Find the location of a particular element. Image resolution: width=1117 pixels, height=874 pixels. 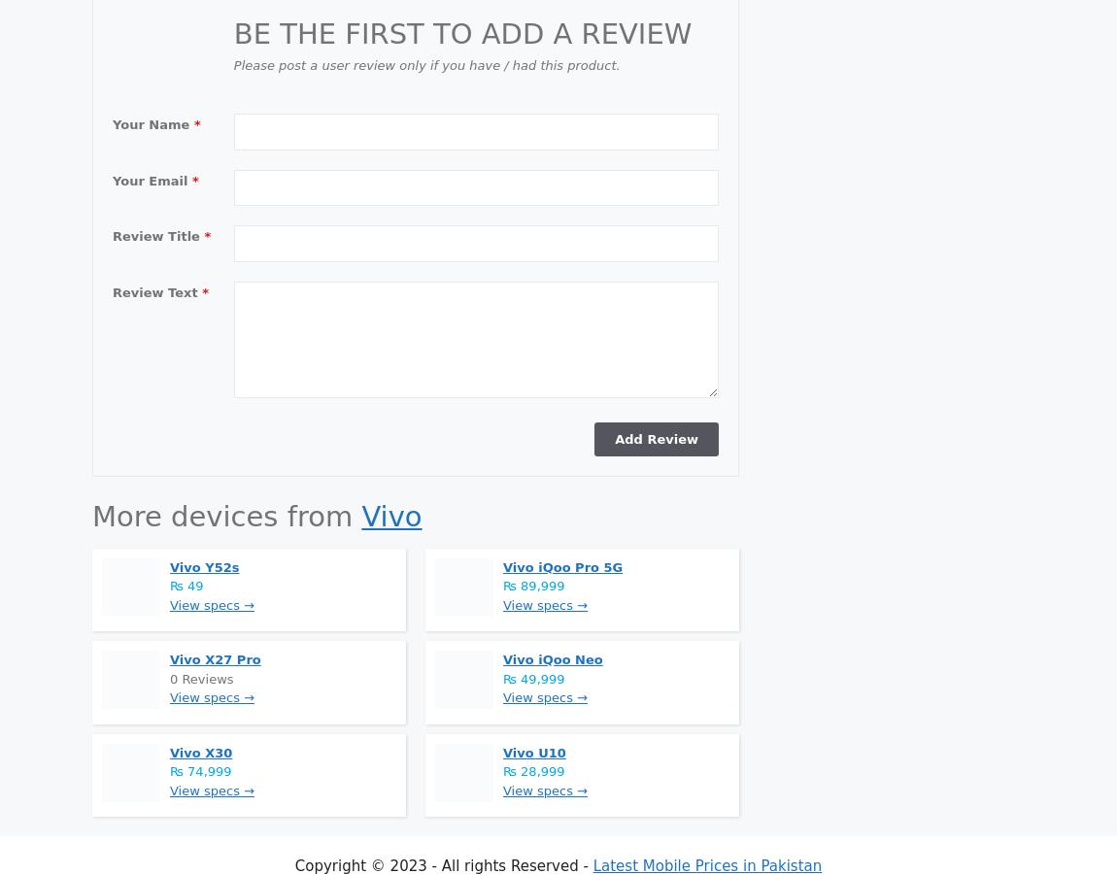

'Vivo iQoo Neo' is located at coordinates (553, 658).